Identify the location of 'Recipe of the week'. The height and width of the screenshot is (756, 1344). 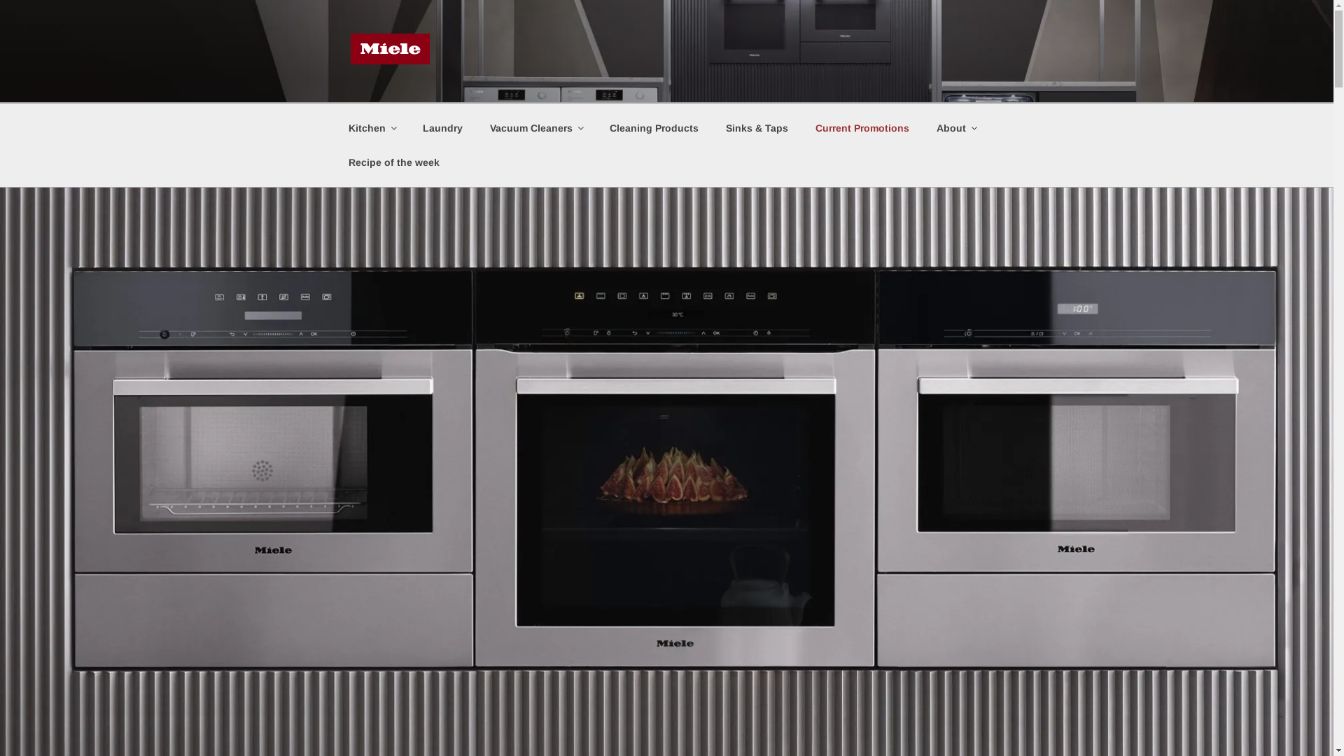
(336, 162).